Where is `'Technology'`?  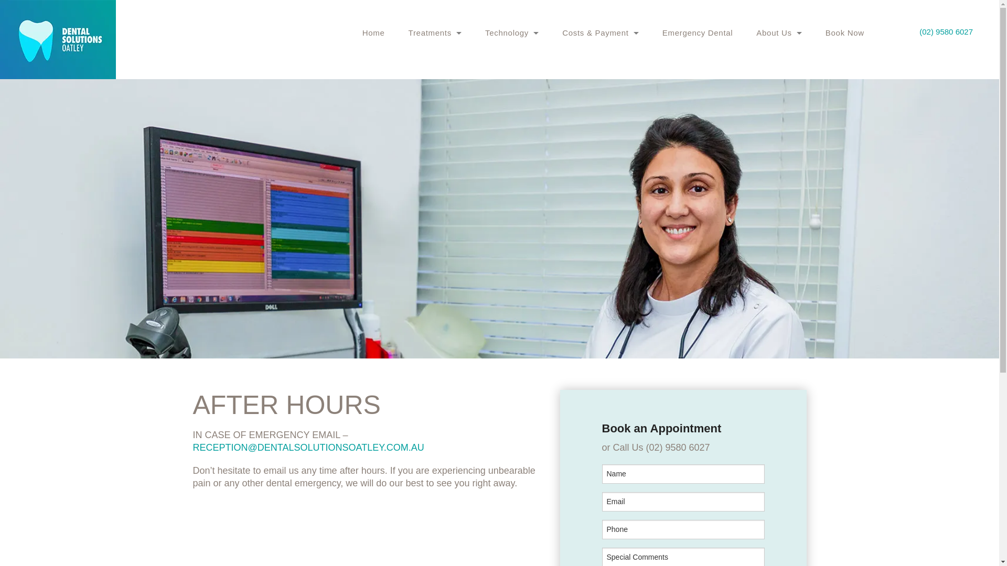
'Technology' is located at coordinates (511, 32).